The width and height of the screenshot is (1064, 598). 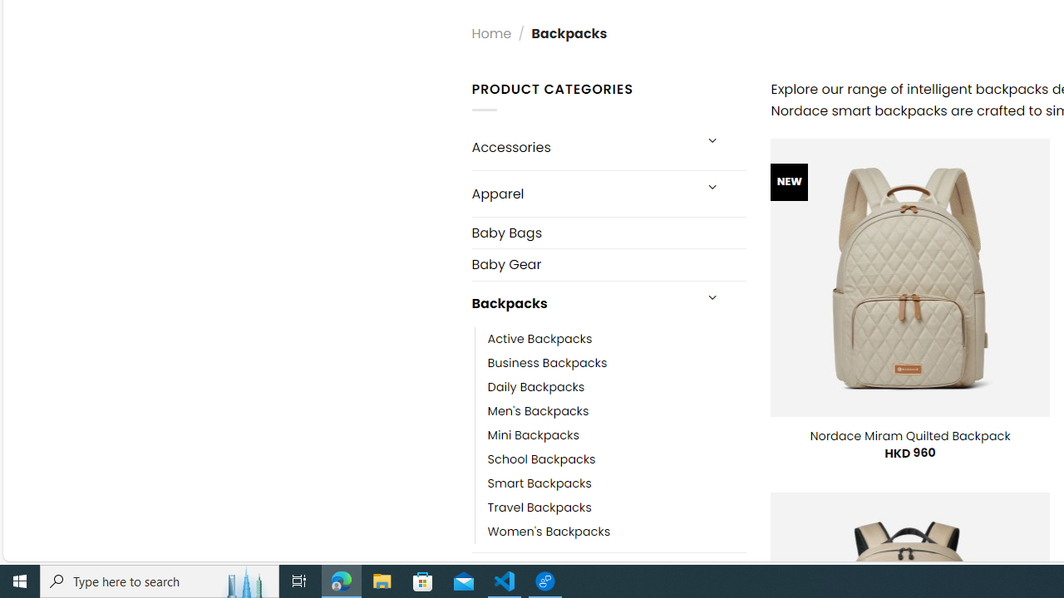 I want to click on 'Daily Backpacks', so click(x=536, y=386).